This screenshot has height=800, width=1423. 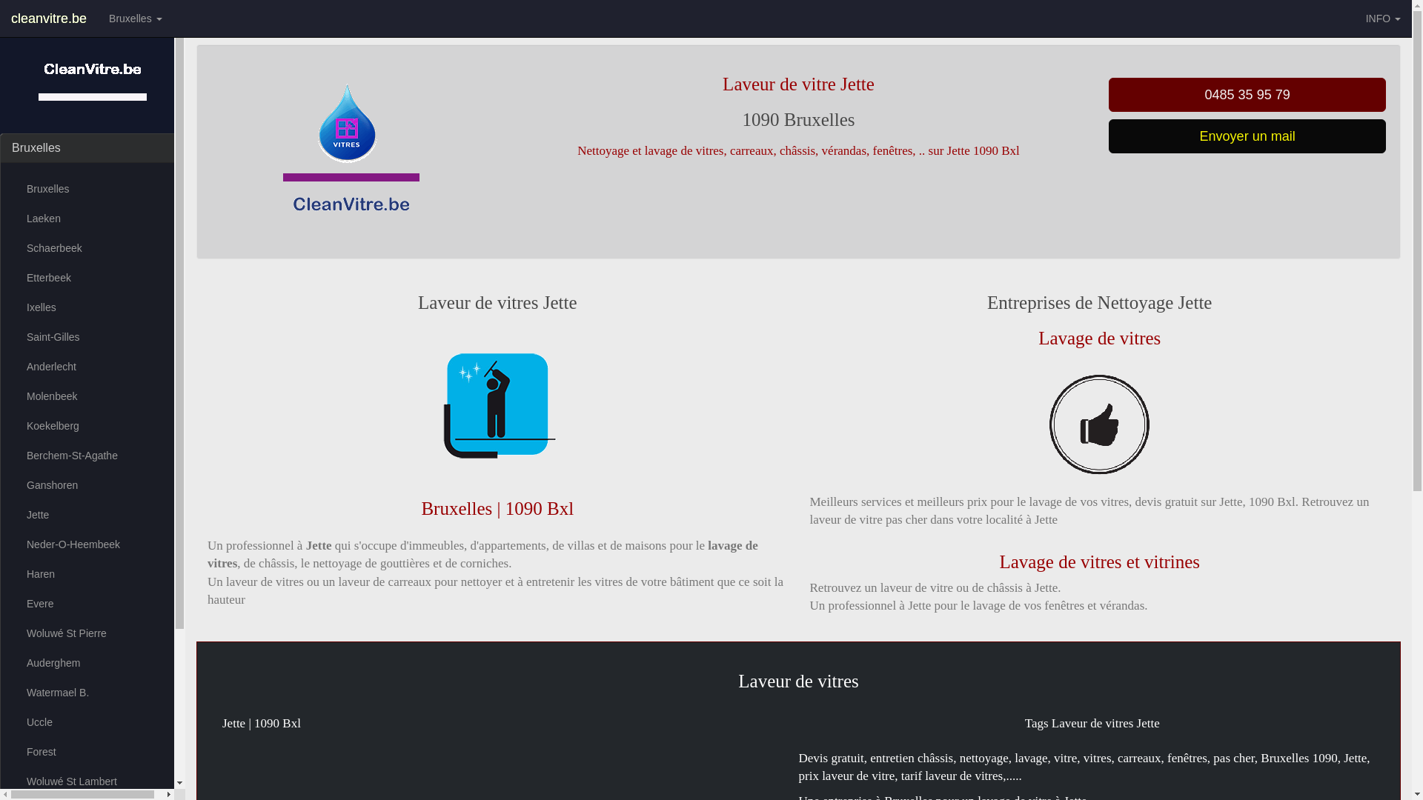 I want to click on 'Uccle', so click(x=91, y=721).